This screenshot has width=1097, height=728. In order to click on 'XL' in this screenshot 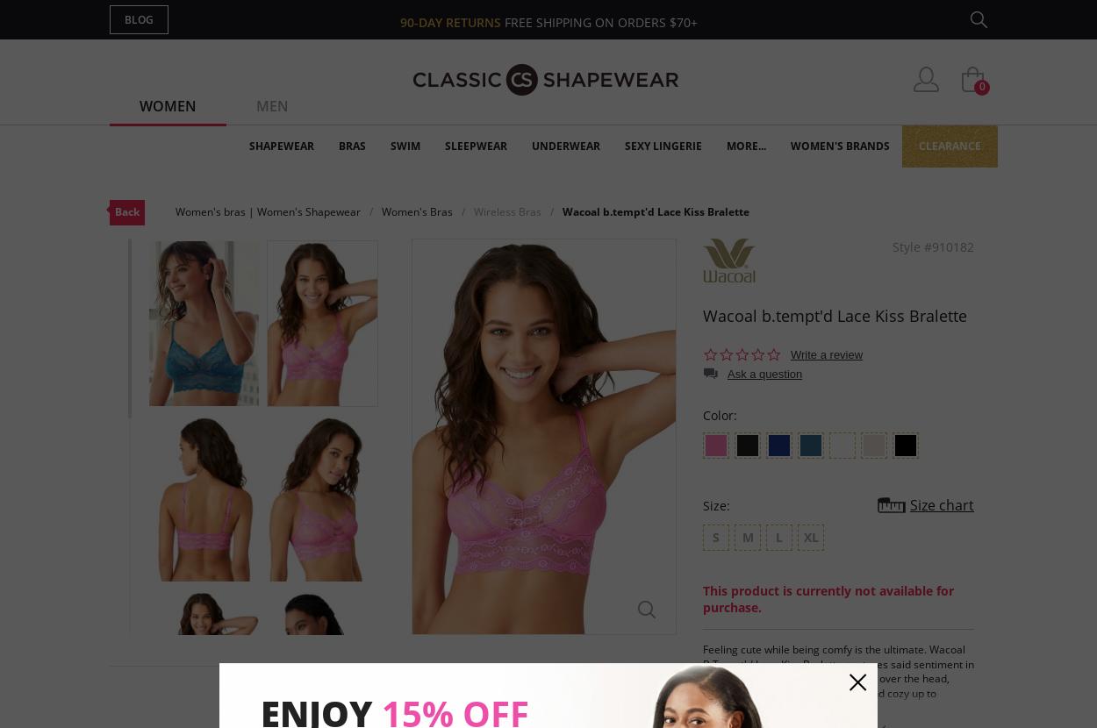, I will do `click(803, 536)`.